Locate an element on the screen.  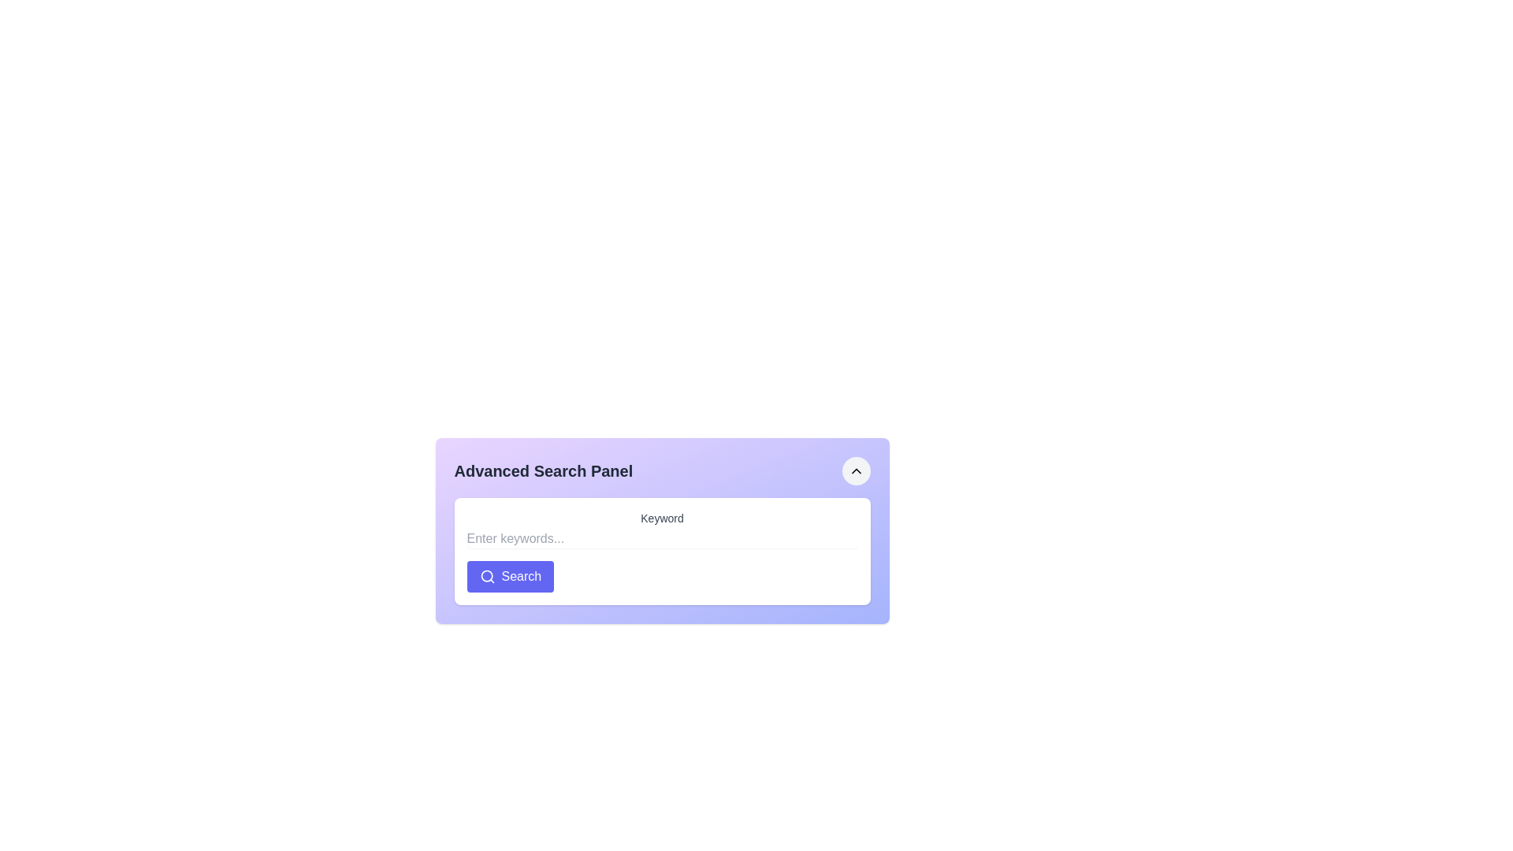
the 'Search' button with an indigo background and white text, featuring a magnifying glass icon, to observe the background color change is located at coordinates (510, 577).